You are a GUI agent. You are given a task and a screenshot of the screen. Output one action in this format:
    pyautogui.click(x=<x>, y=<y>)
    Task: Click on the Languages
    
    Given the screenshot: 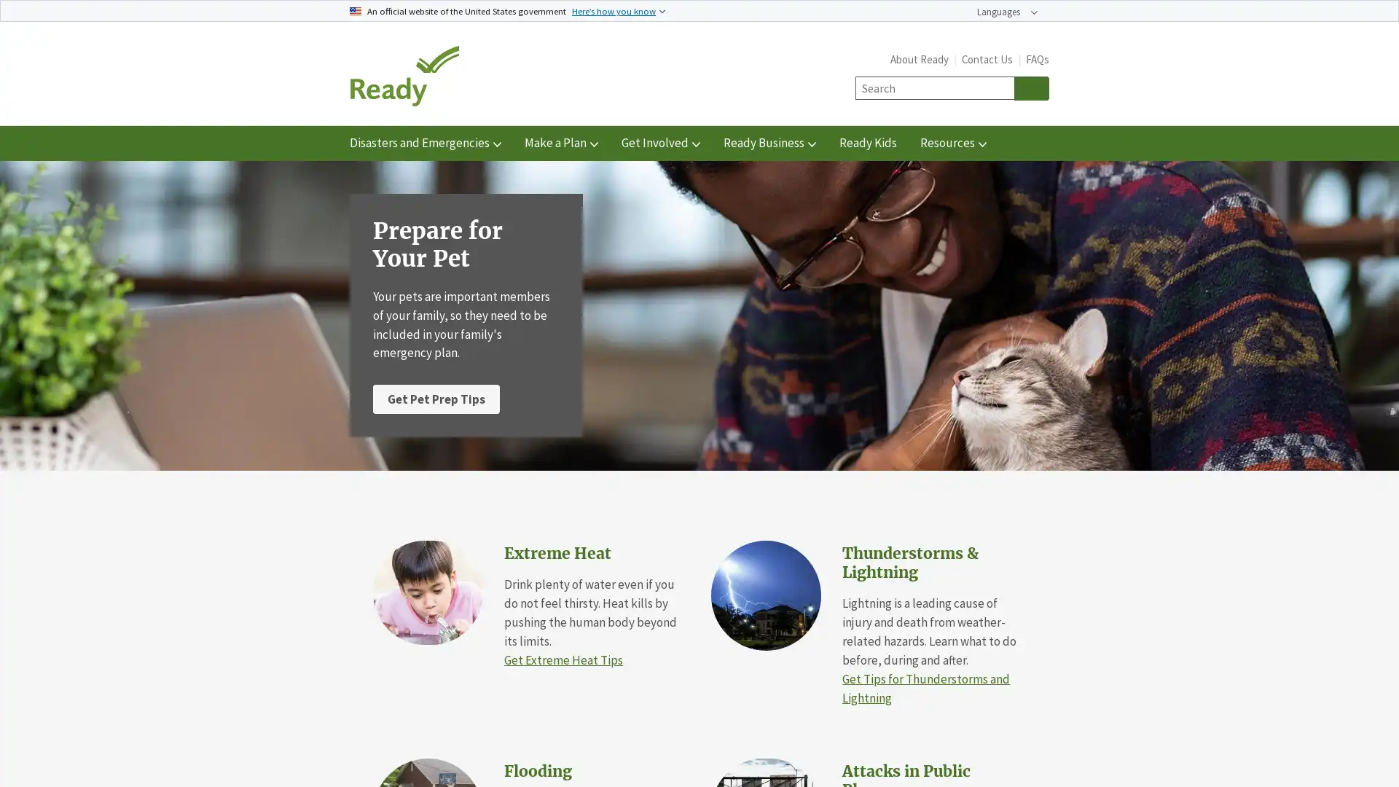 What is the action you would take?
    pyautogui.click(x=1006, y=12)
    